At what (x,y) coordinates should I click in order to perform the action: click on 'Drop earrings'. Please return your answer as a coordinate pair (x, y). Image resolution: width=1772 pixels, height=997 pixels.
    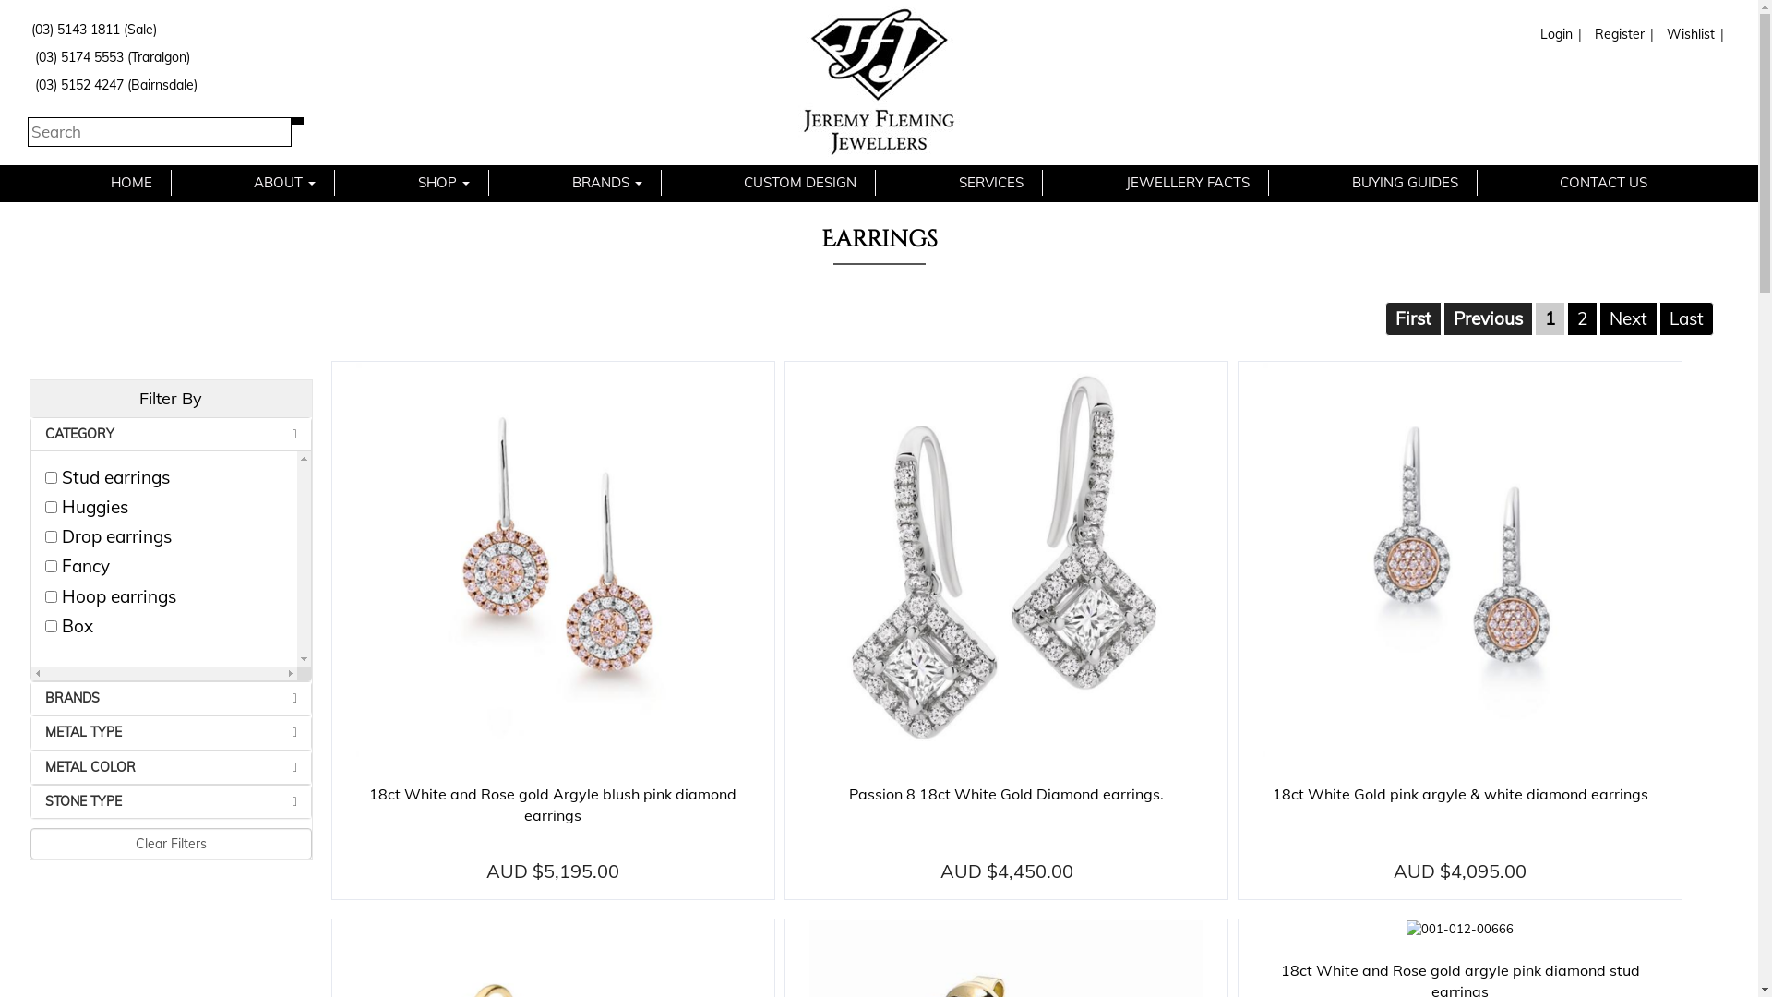
    Looking at the image, I should click on (44, 536).